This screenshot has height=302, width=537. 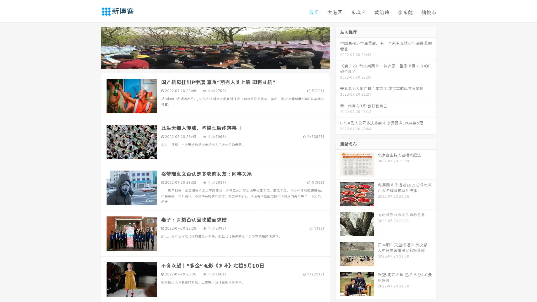 I want to click on Go to slide 1, so click(x=209, y=63).